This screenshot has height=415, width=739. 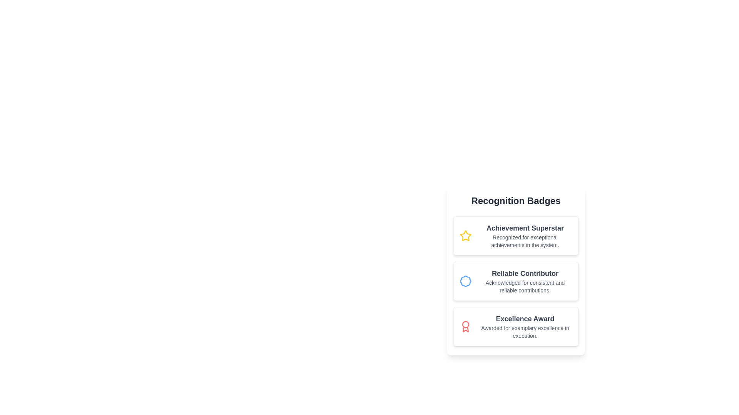 I want to click on the blue circular recognition badge icon located to the left of the 'Reliable Contributor' text label, so click(x=465, y=281).